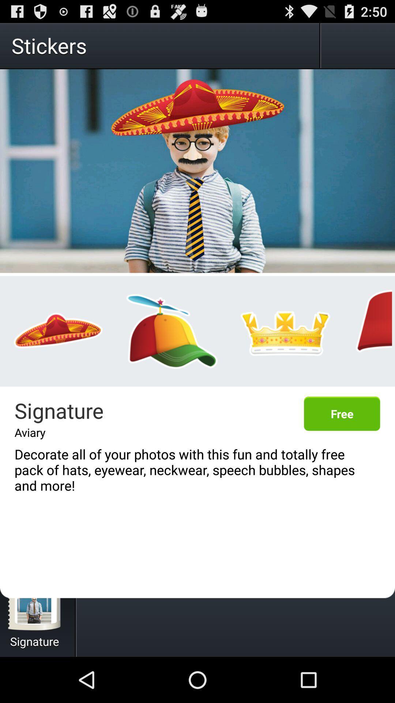  Describe the element at coordinates (58, 331) in the screenshot. I see `the sticker which is above signature` at that location.